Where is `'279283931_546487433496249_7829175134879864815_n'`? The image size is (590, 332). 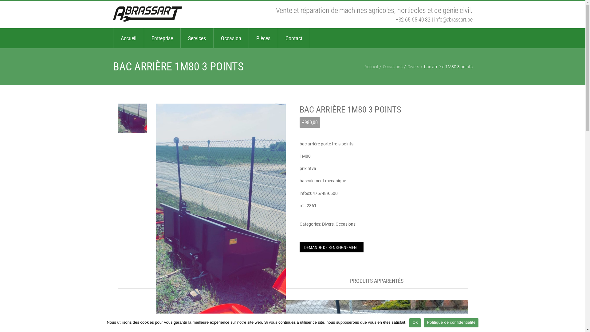
'279283931_546487433496249_7829175134879864815_n' is located at coordinates (132, 118).